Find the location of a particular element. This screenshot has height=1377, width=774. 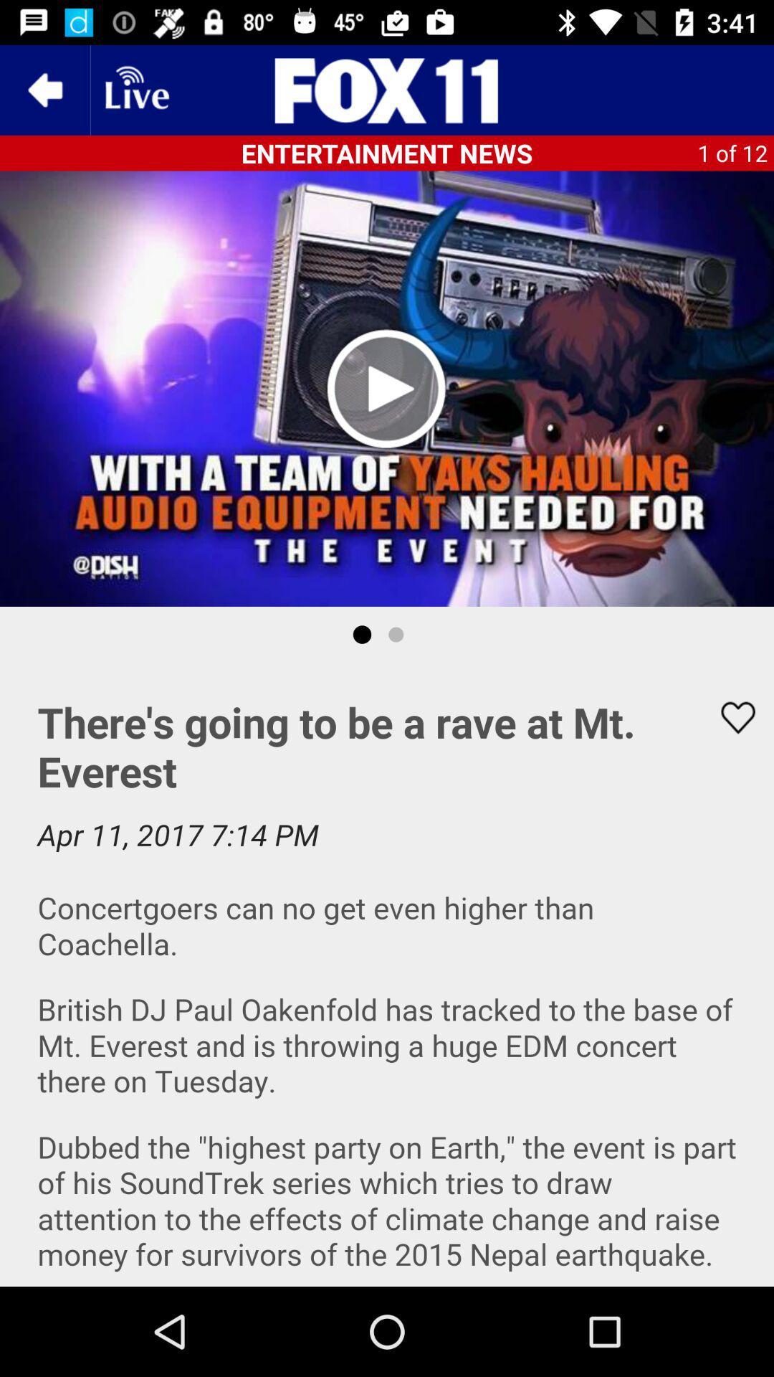

the arrow_backward icon is located at coordinates (44, 89).